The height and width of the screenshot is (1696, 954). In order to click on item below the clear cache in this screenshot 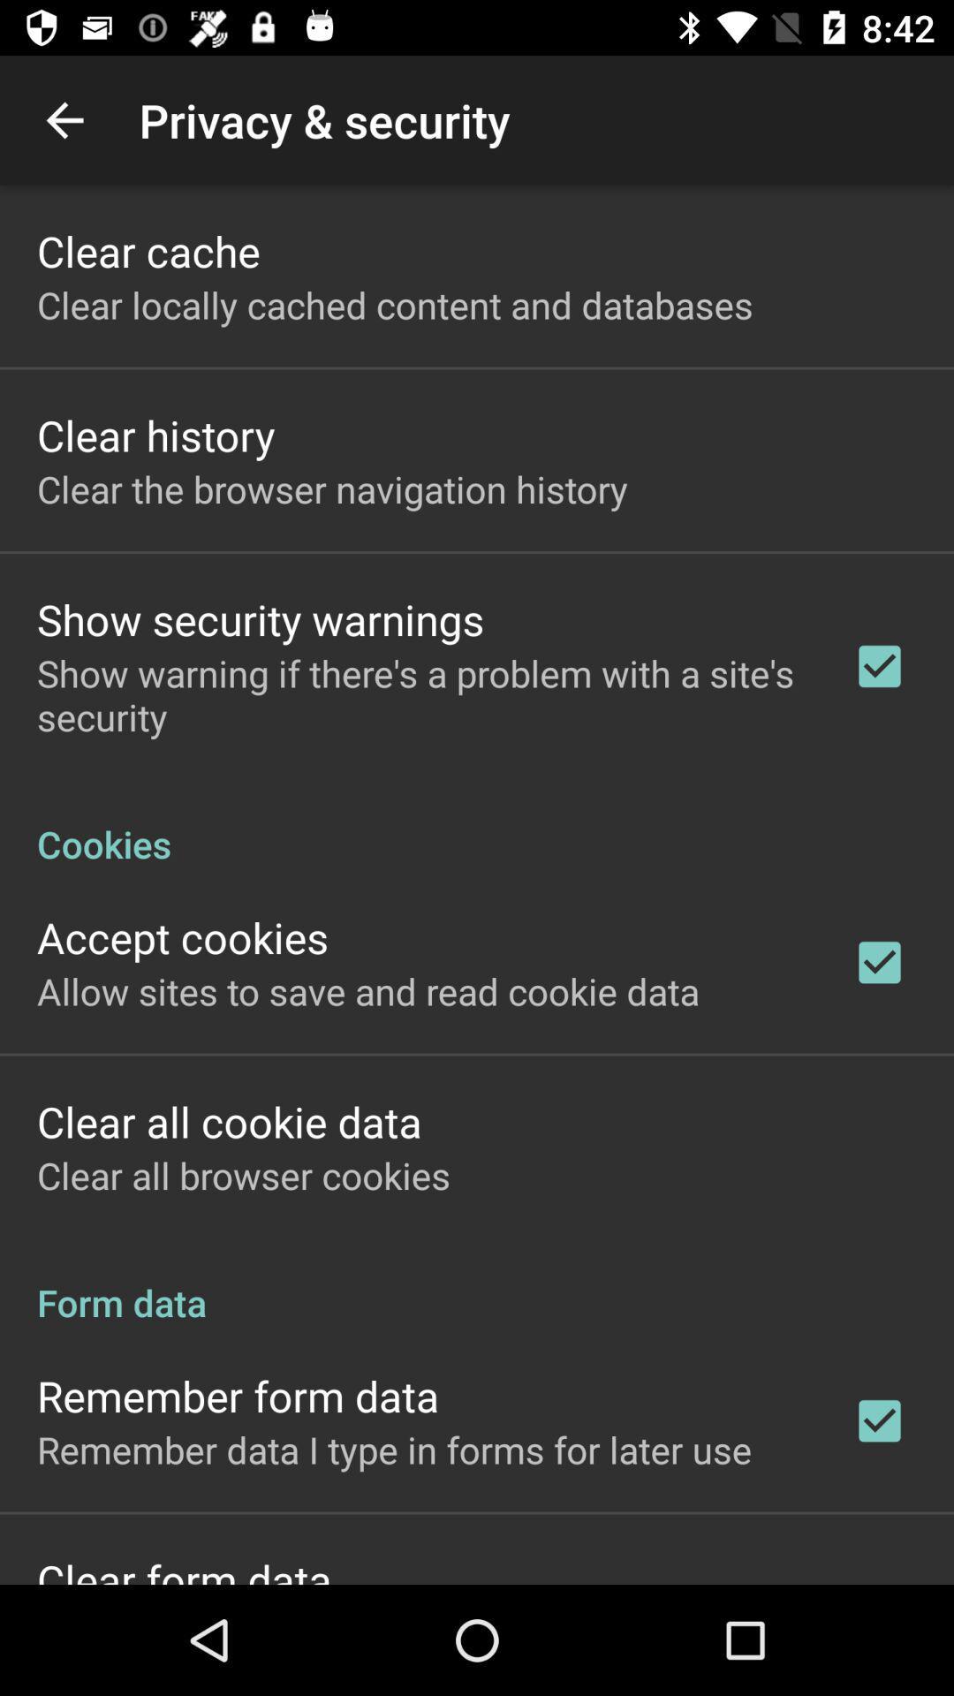, I will do `click(394, 305)`.